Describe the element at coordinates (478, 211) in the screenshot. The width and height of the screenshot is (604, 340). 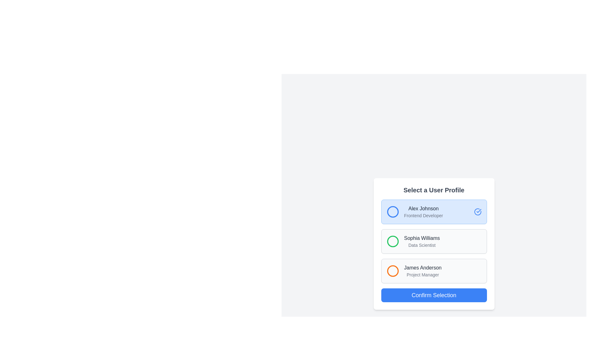
I see `the checkmark icon within the user profile card titled 'Alex Johnson - Frontend Developer', located near the right edge of the card` at that location.